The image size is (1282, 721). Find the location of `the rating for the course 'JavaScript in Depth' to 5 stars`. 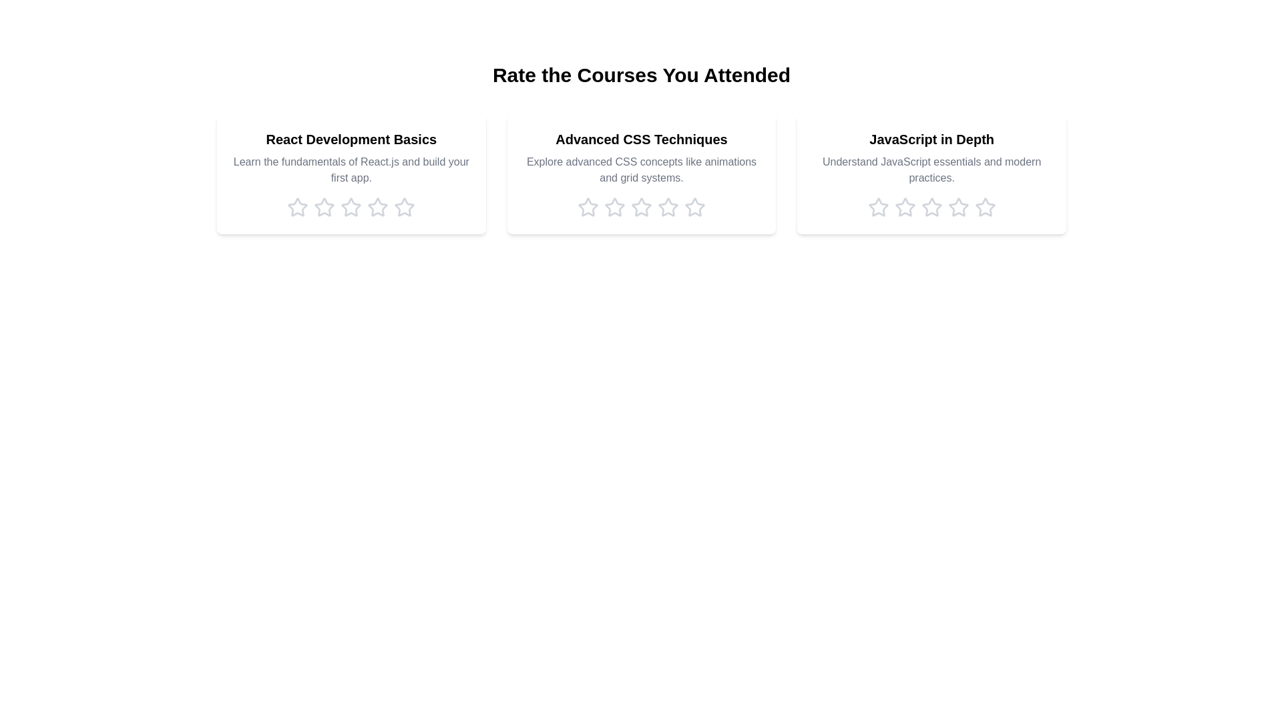

the rating for the course 'JavaScript in Depth' to 5 stars is located at coordinates (985, 208).